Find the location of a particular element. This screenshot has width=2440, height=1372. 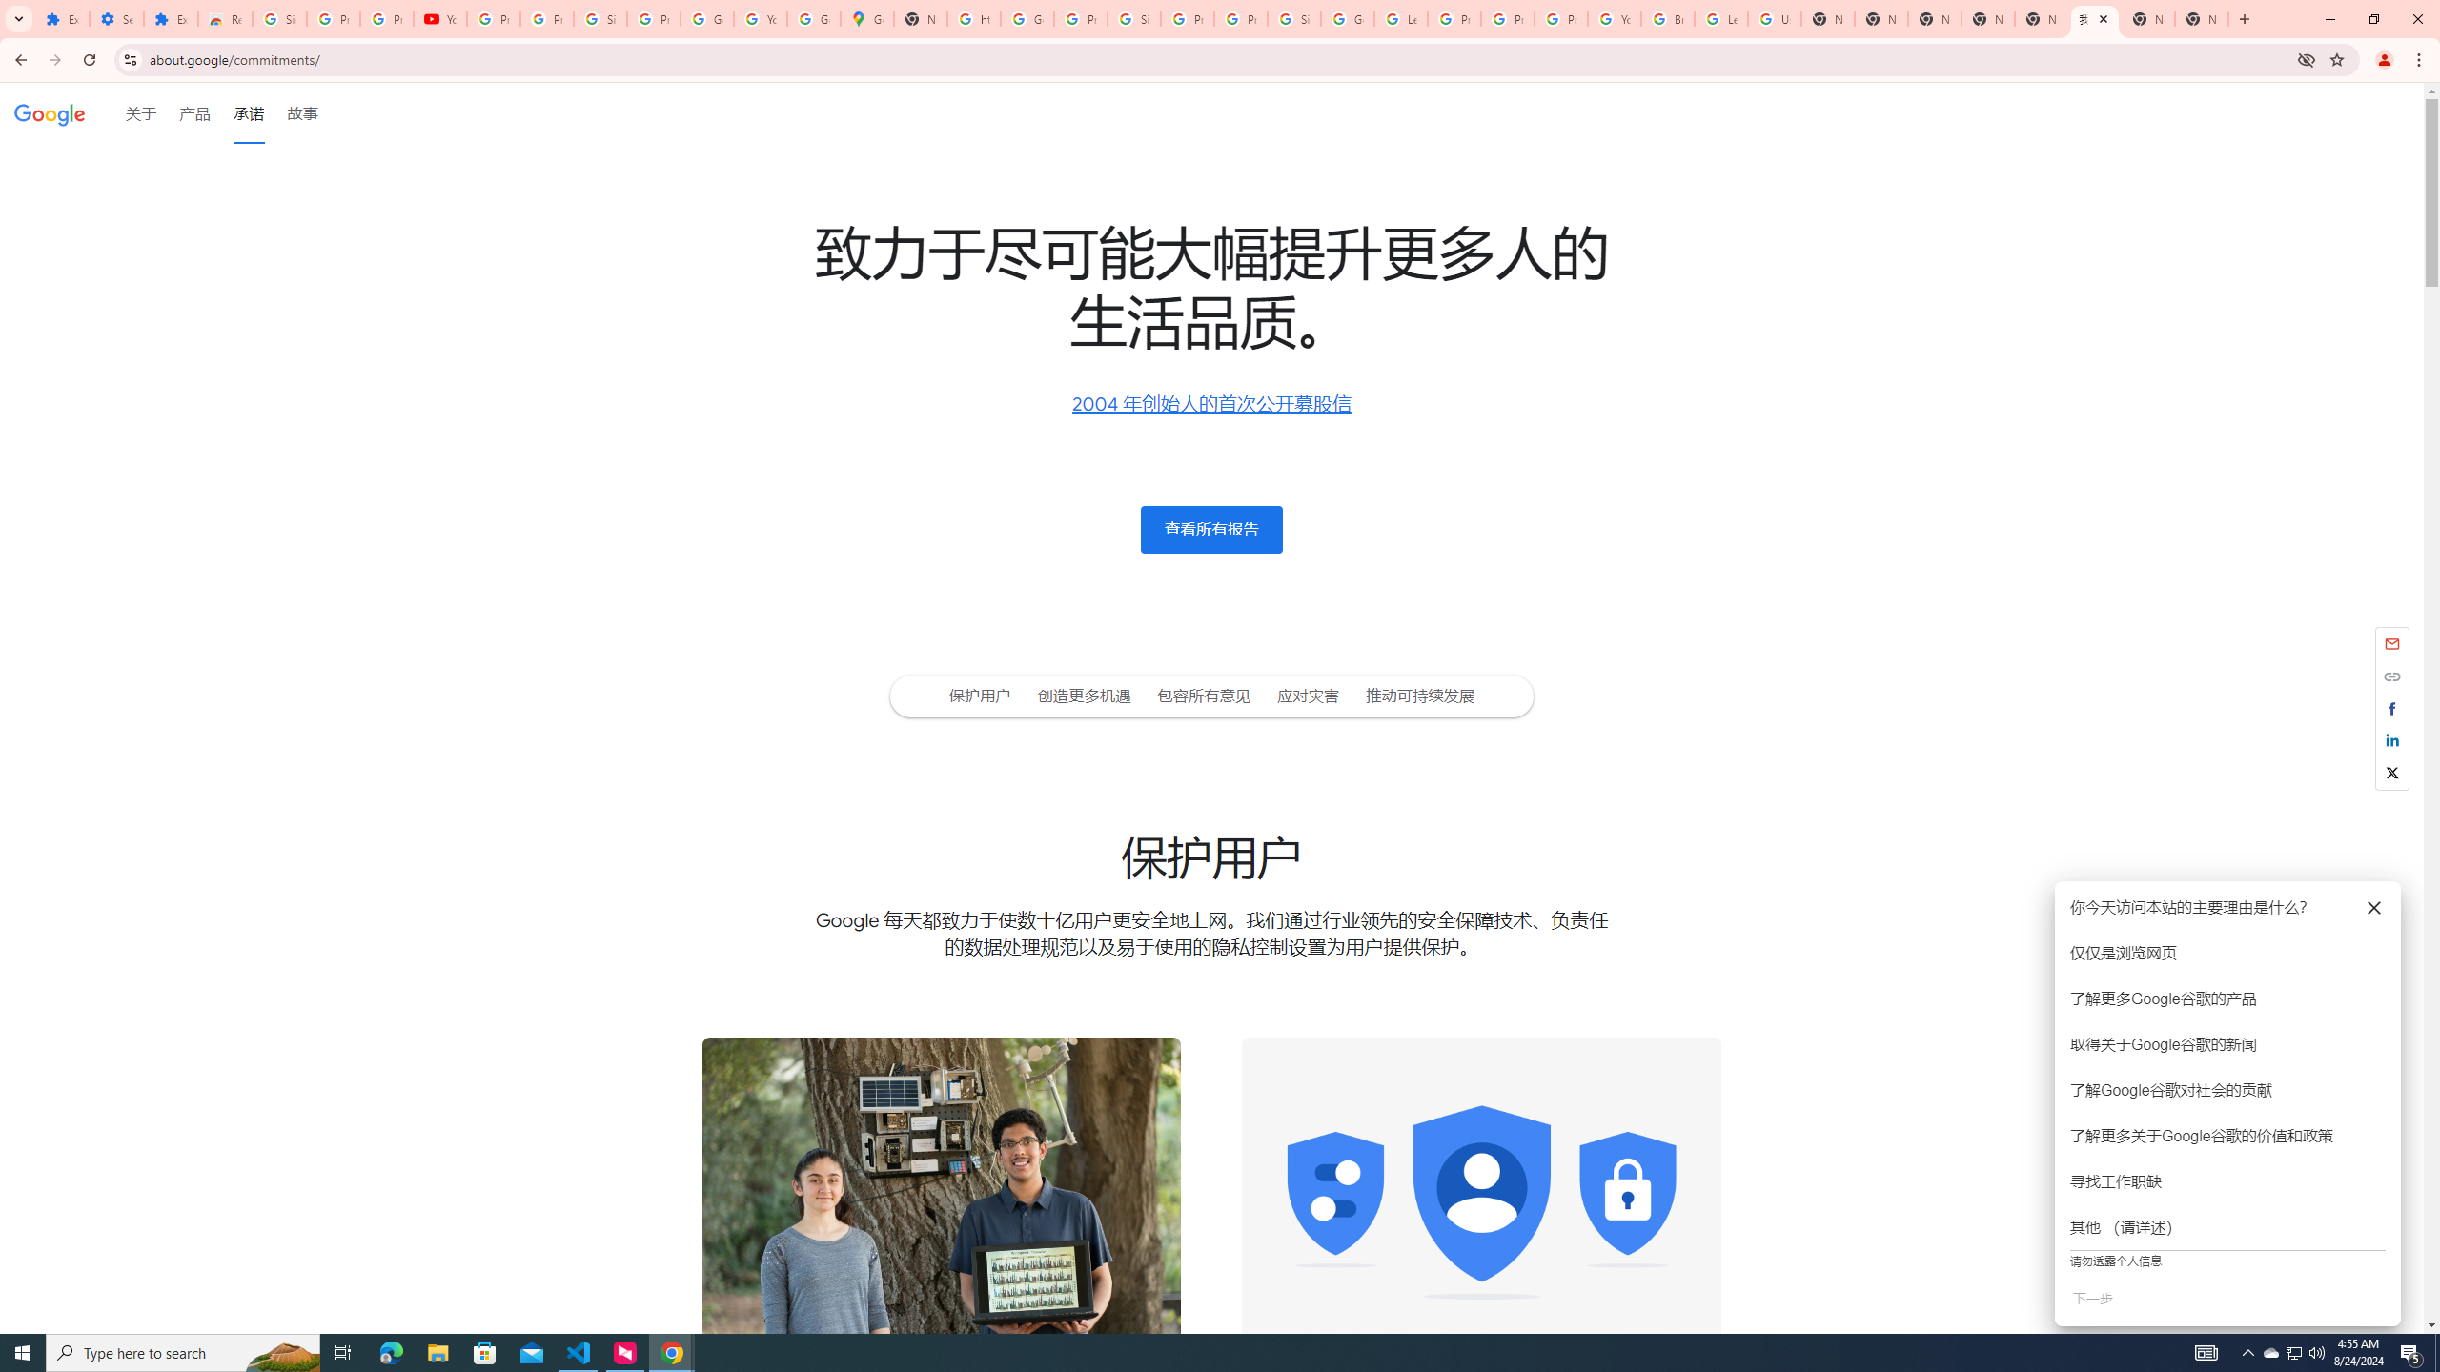

'Privacy Help Center - Policies Help' is located at coordinates (1507, 18).